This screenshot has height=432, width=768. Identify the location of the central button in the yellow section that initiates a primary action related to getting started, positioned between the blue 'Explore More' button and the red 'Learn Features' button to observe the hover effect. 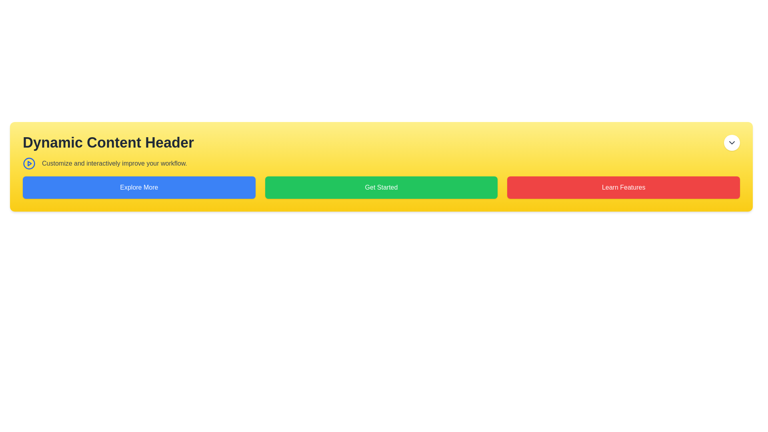
(381, 188).